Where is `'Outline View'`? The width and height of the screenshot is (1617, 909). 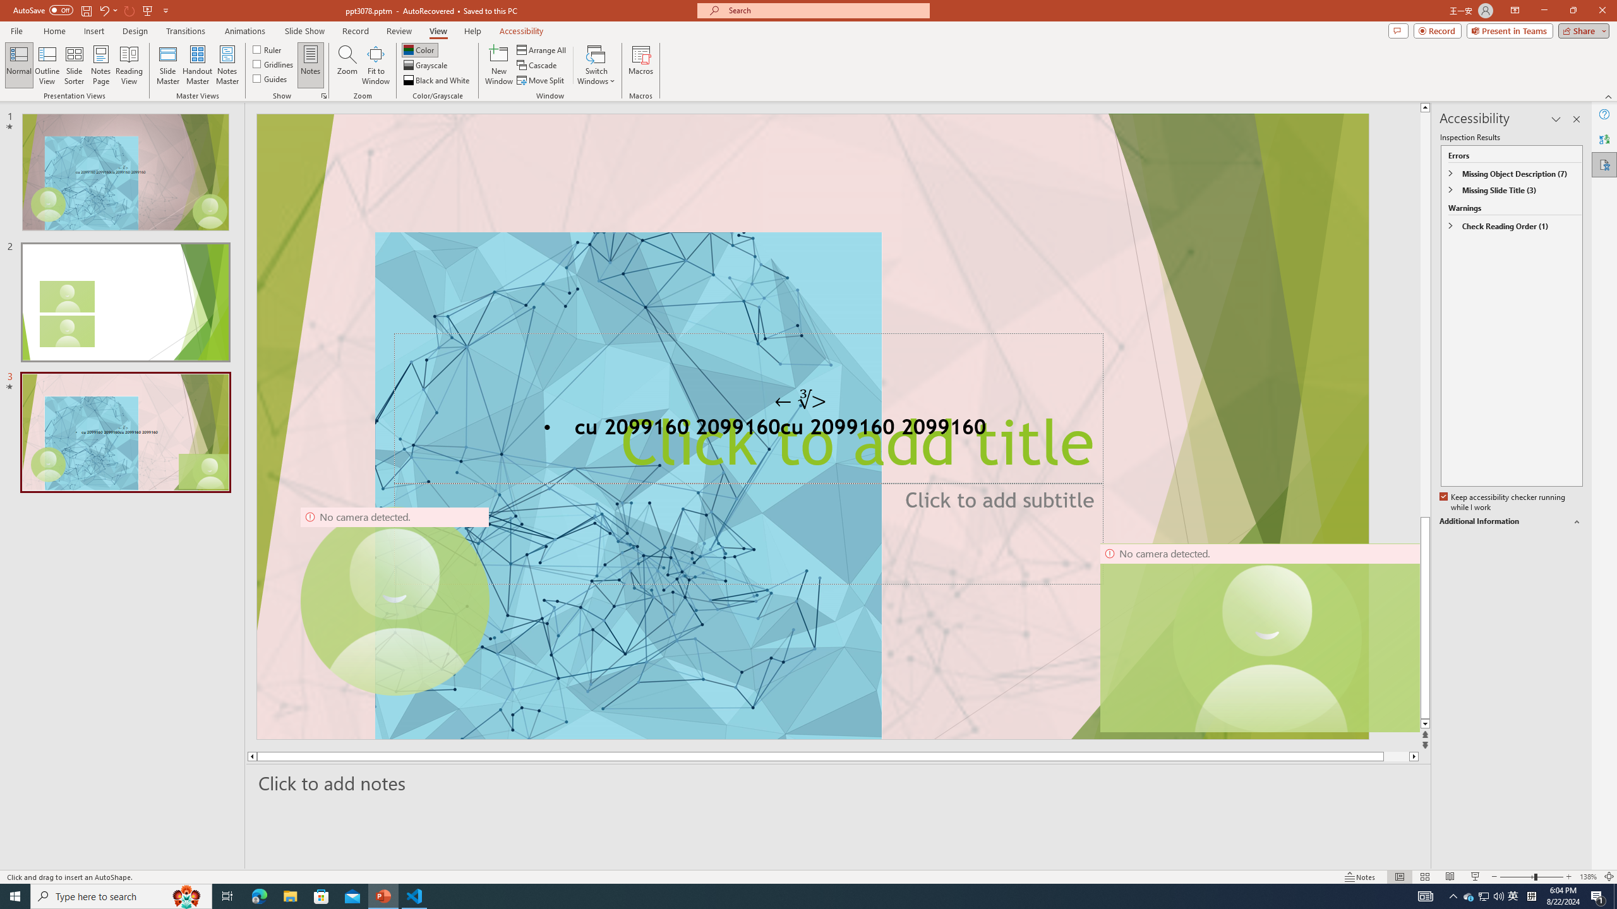 'Outline View' is located at coordinates (47, 65).